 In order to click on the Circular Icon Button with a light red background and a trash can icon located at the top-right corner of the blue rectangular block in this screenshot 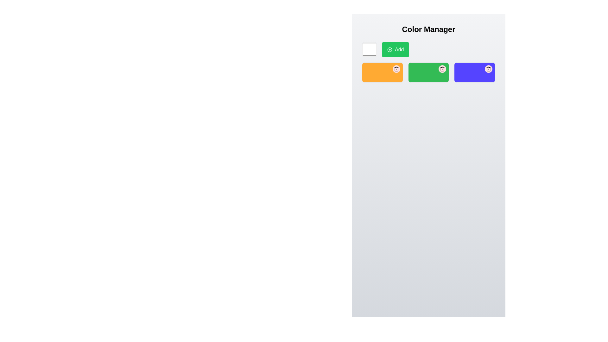, I will do `click(488, 69)`.